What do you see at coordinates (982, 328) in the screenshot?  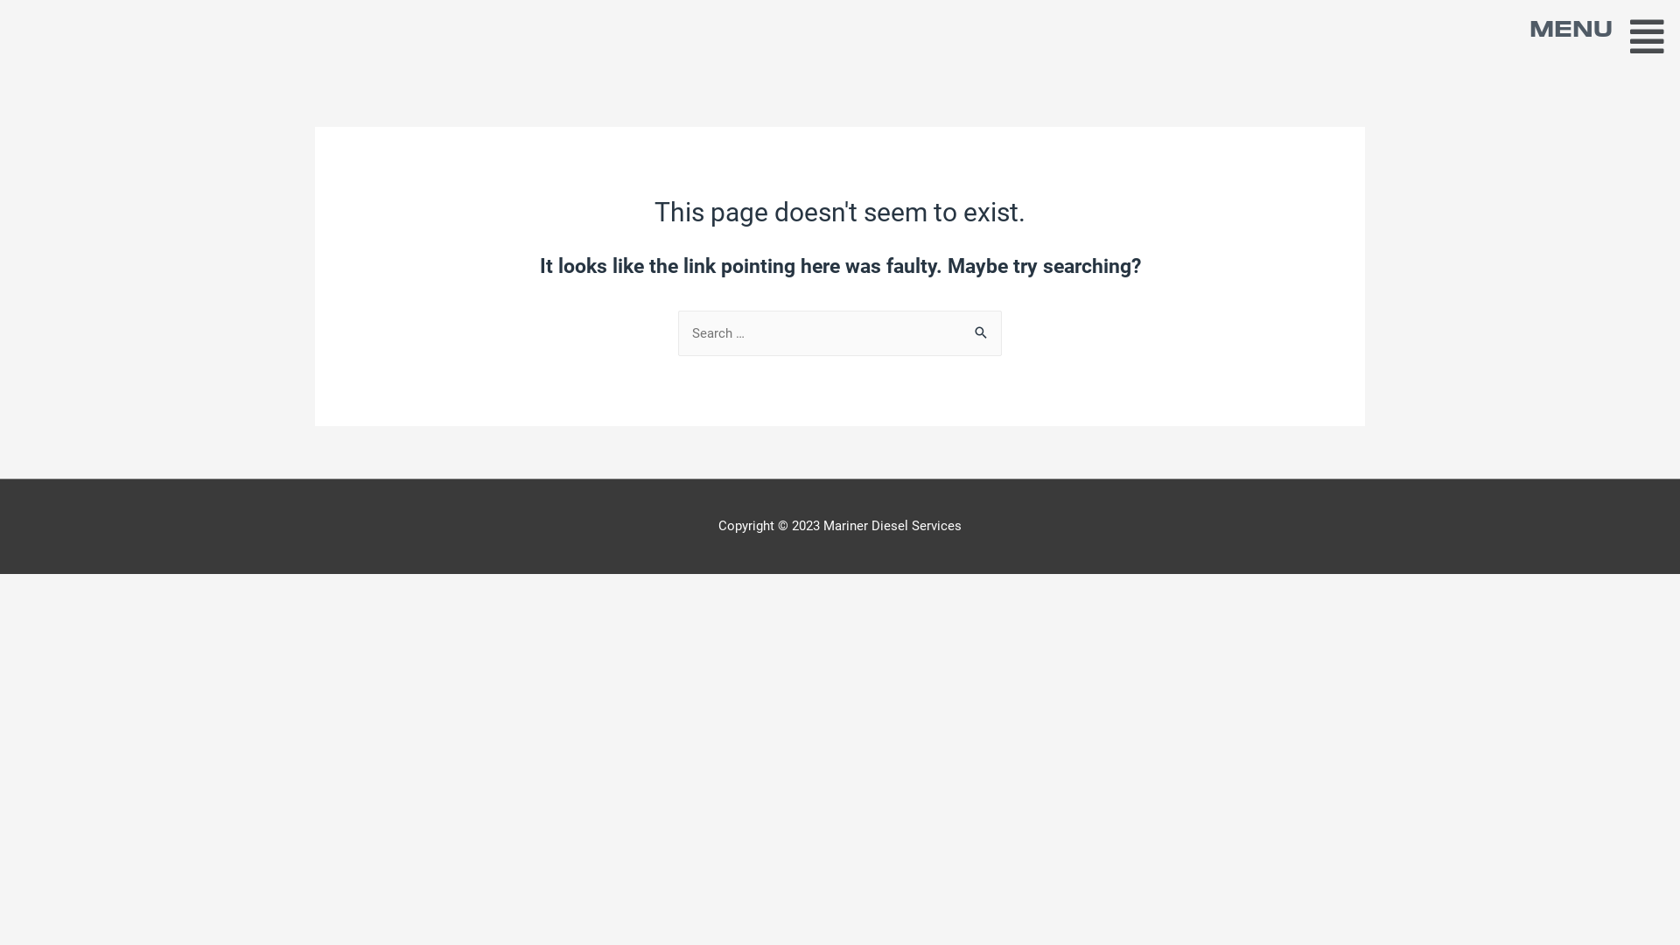 I see `'Search'` at bounding box center [982, 328].